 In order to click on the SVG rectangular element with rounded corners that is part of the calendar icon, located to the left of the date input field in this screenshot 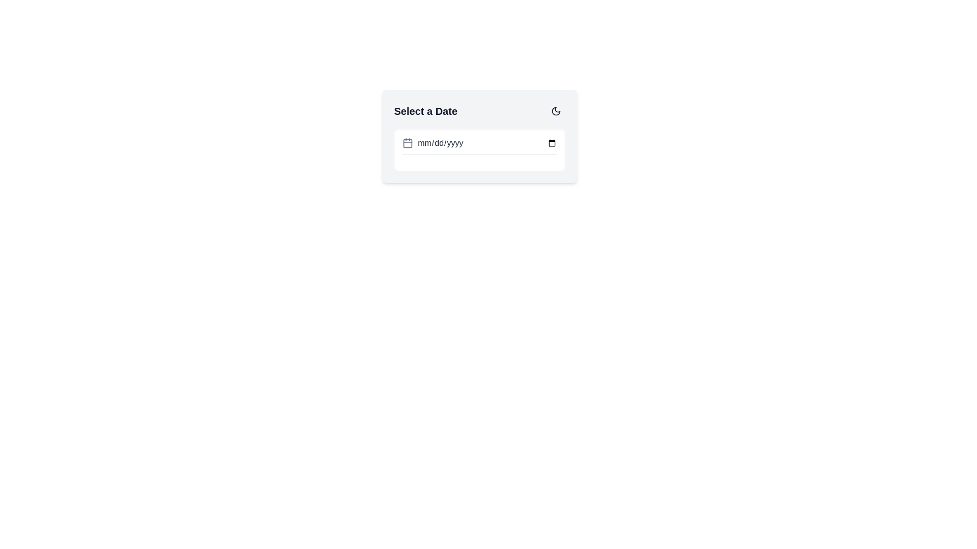, I will do `click(408, 143)`.